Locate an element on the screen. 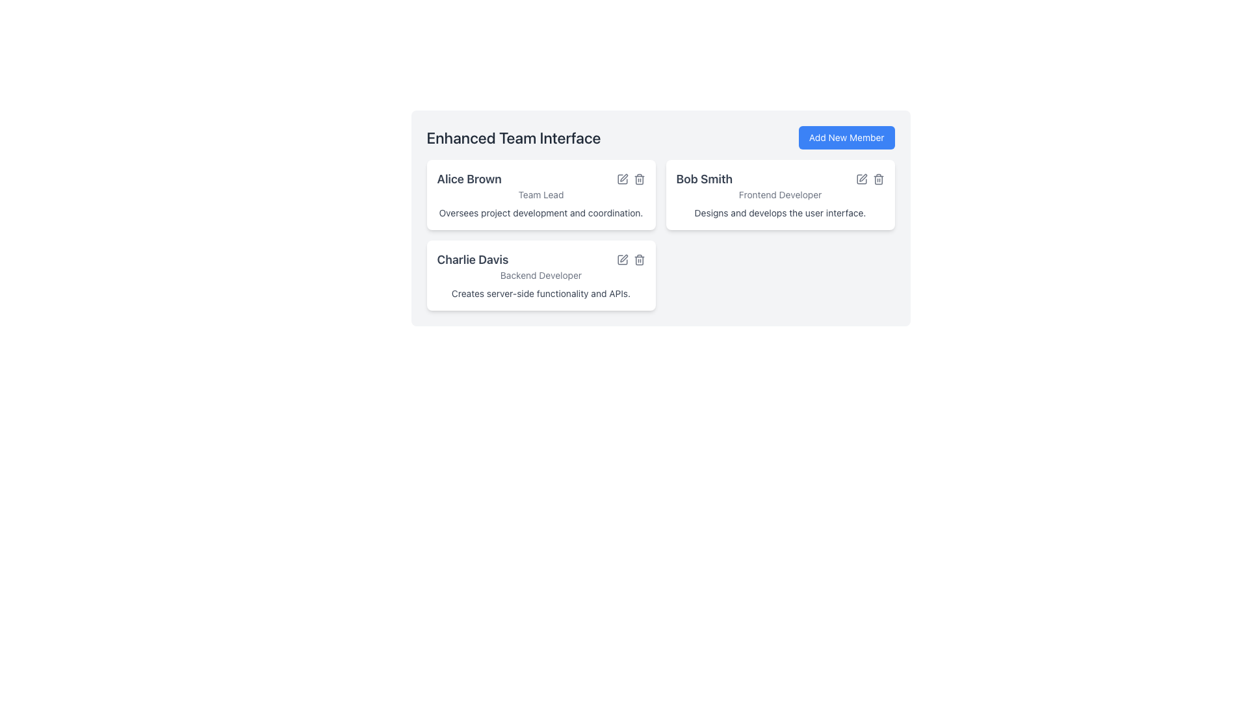  the small gray trashcan icon button located at the top-right corner of Alice Brown's card is located at coordinates (639, 179).